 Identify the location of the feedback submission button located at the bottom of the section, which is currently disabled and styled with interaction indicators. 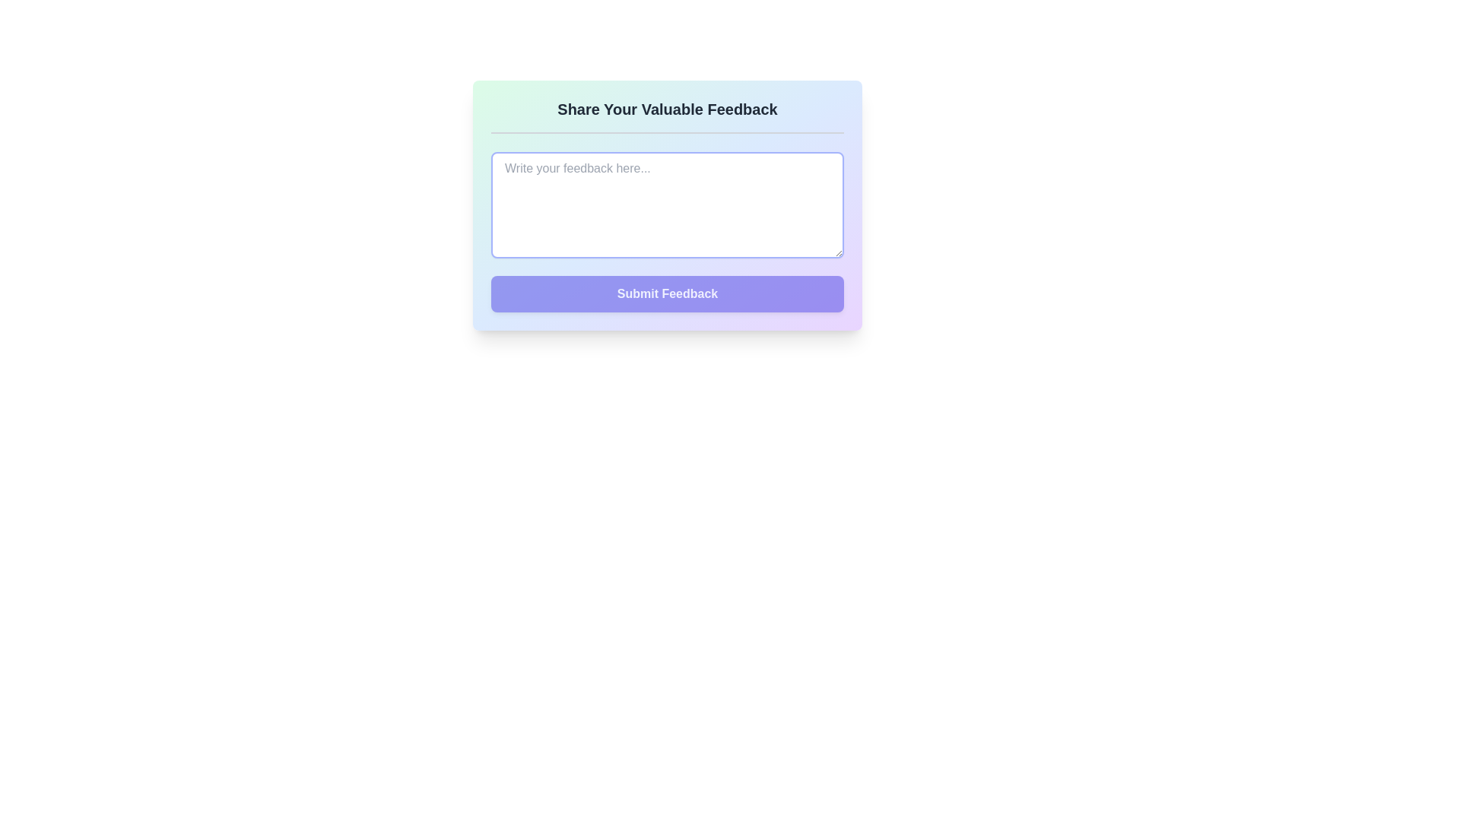
(668, 293).